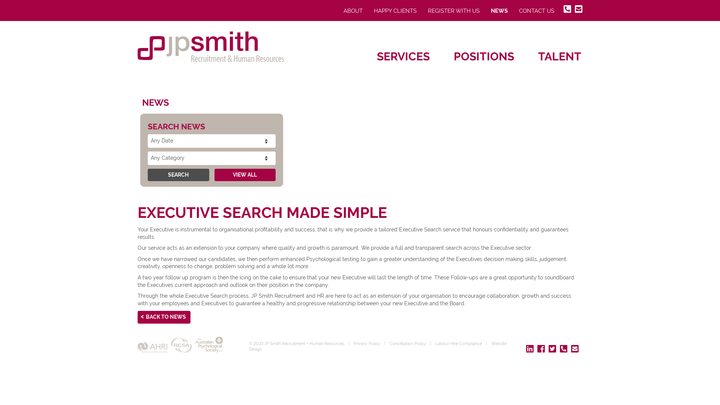  What do you see at coordinates (536, 11) in the screenshot?
I see `'CONTACT US'` at bounding box center [536, 11].